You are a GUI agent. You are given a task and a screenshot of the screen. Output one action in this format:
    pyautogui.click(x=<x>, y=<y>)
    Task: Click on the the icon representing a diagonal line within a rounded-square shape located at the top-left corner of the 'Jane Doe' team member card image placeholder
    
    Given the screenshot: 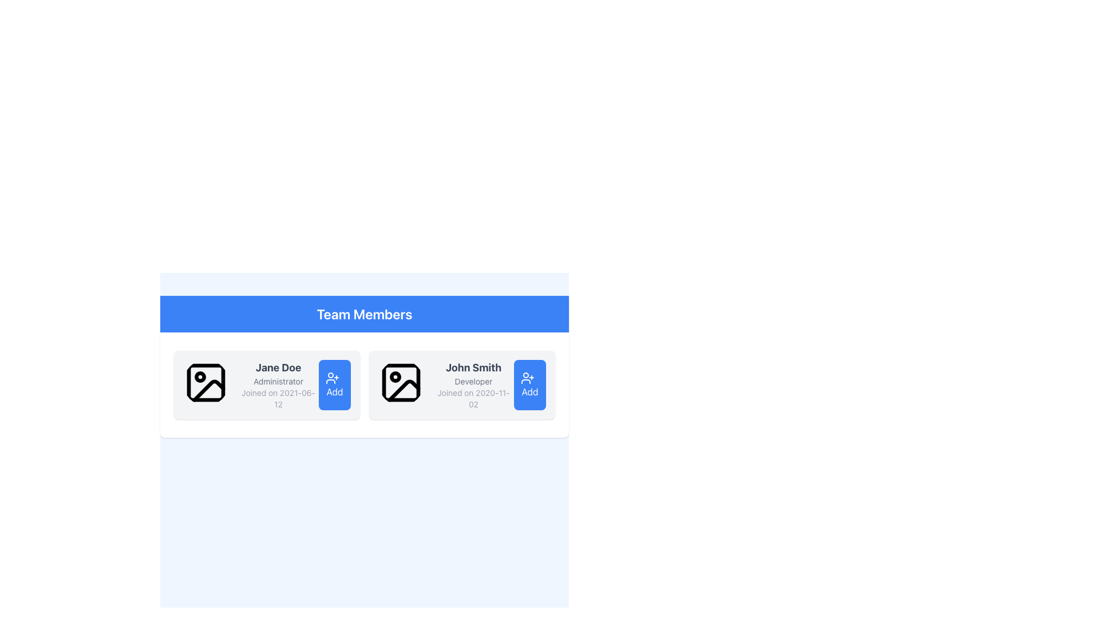 What is the action you would take?
    pyautogui.click(x=208, y=390)
    